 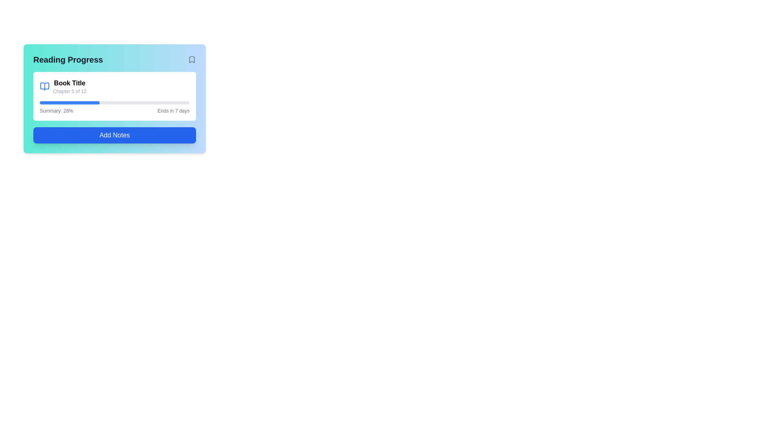 What do you see at coordinates (44, 86) in the screenshot?
I see `the small blue open book icon located in the 'Reading Progress' card, which is positioned to the left of the 'Book Title' and 'Chapter 5 of 12' text` at bounding box center [44, 86].